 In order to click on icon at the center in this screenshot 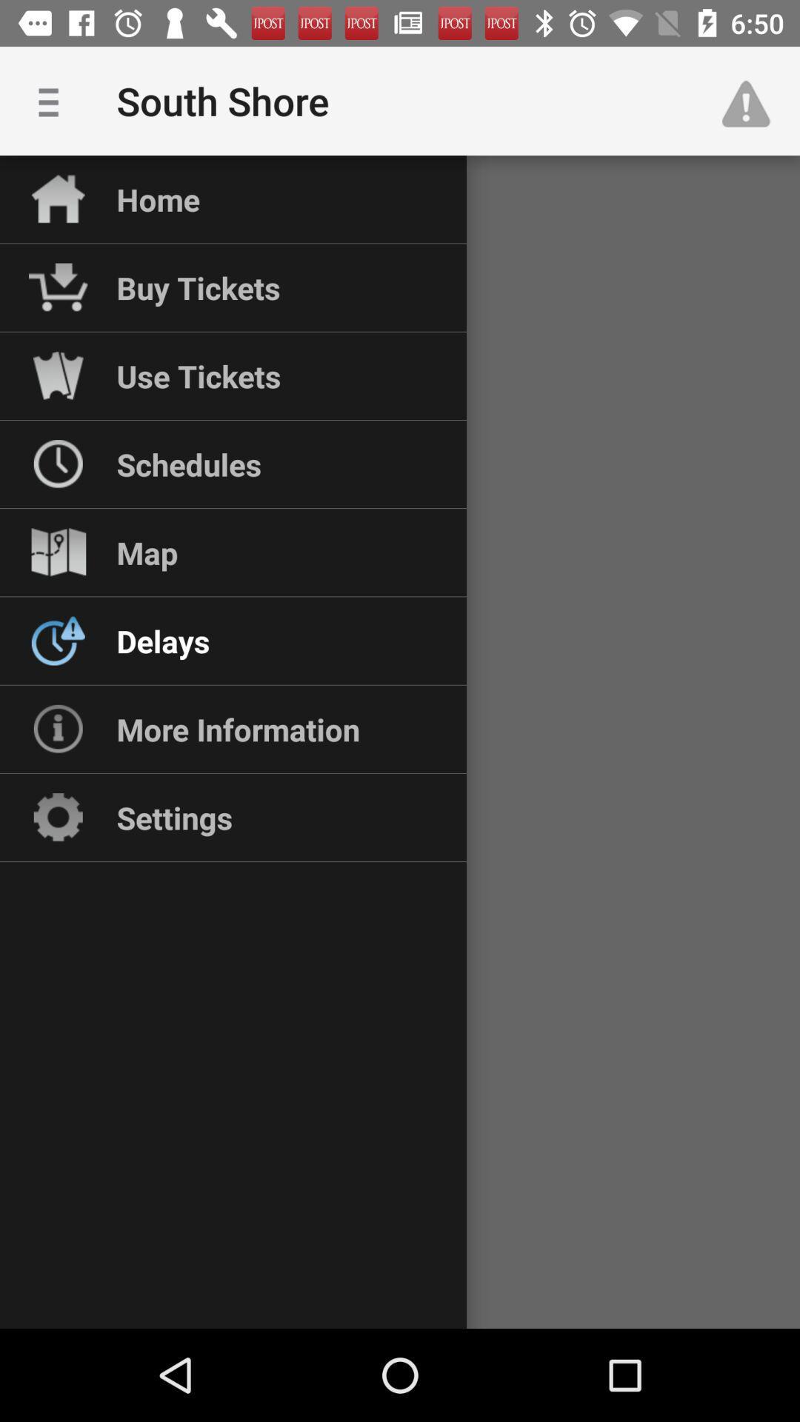, I will do `click(400, 742)`.